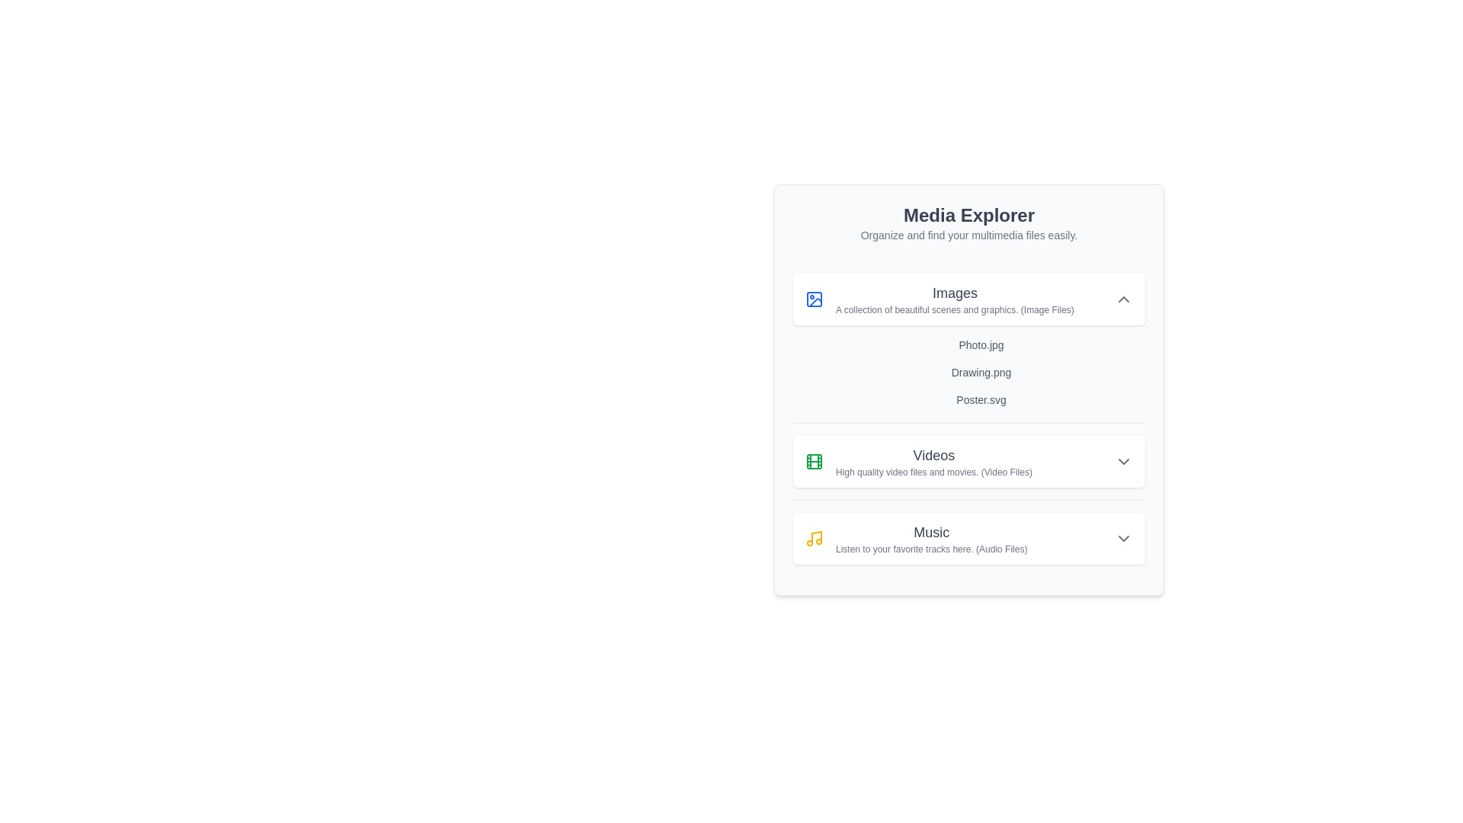  Describe the element at coordinates (1123, 460) in the screenshot. I see `the dropdown indicator icon, which is a gray arrow pointing downwards located to the right of the 'Videos' section title` at that location.